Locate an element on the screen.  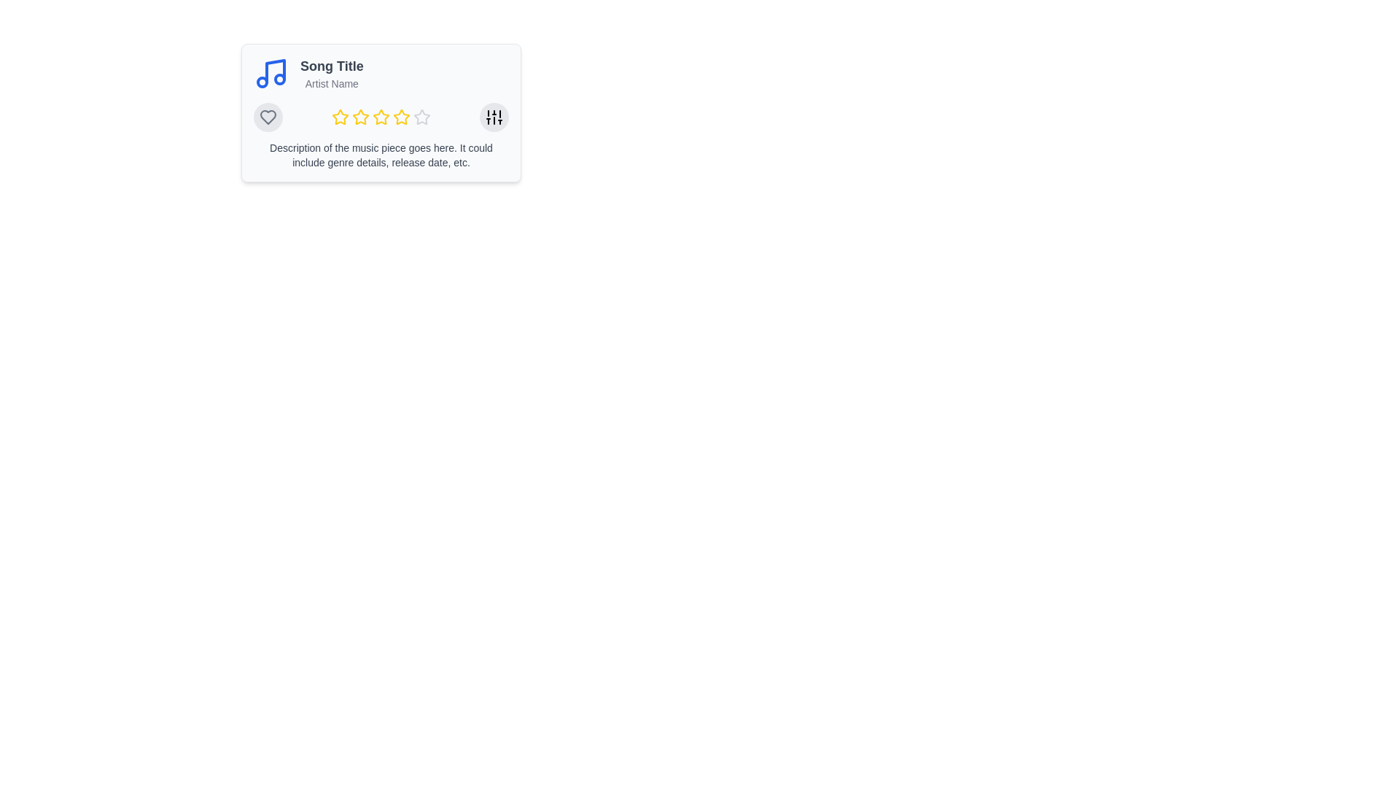
the circular button with a light gray background and a vertical sliders icon is located at coordinates (494, 117).